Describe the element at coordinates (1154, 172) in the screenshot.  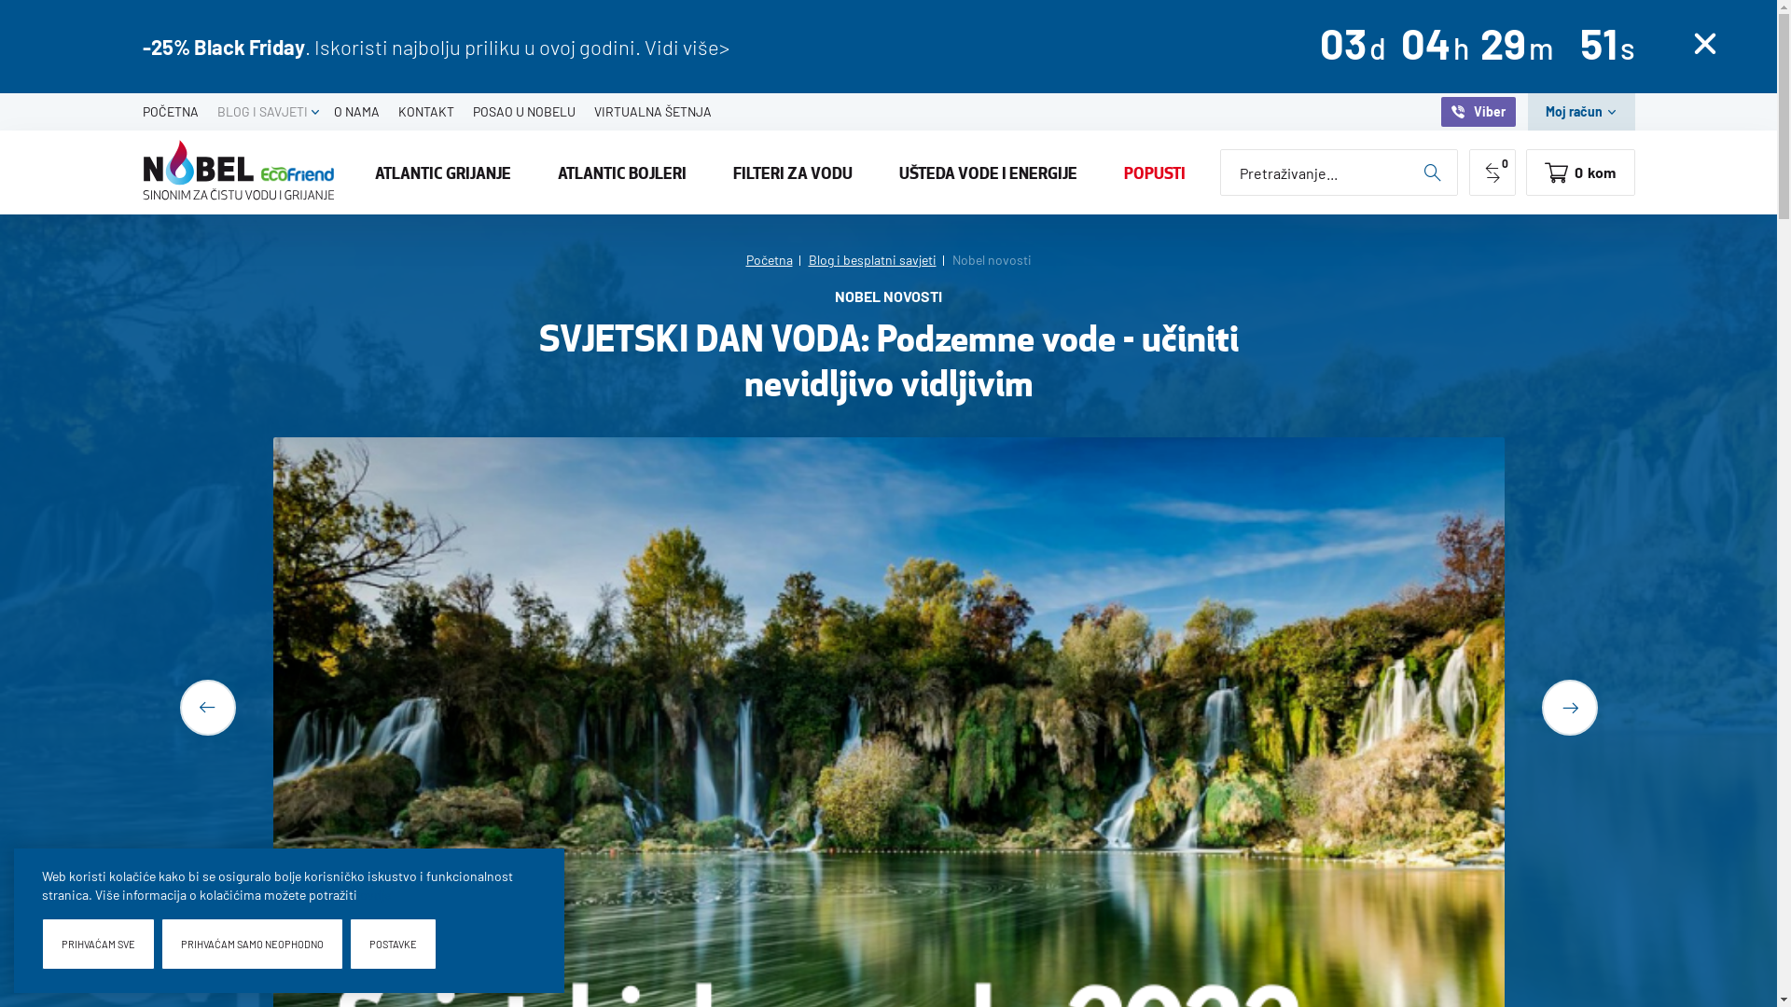
I see `'POPUSTI'` at that location.